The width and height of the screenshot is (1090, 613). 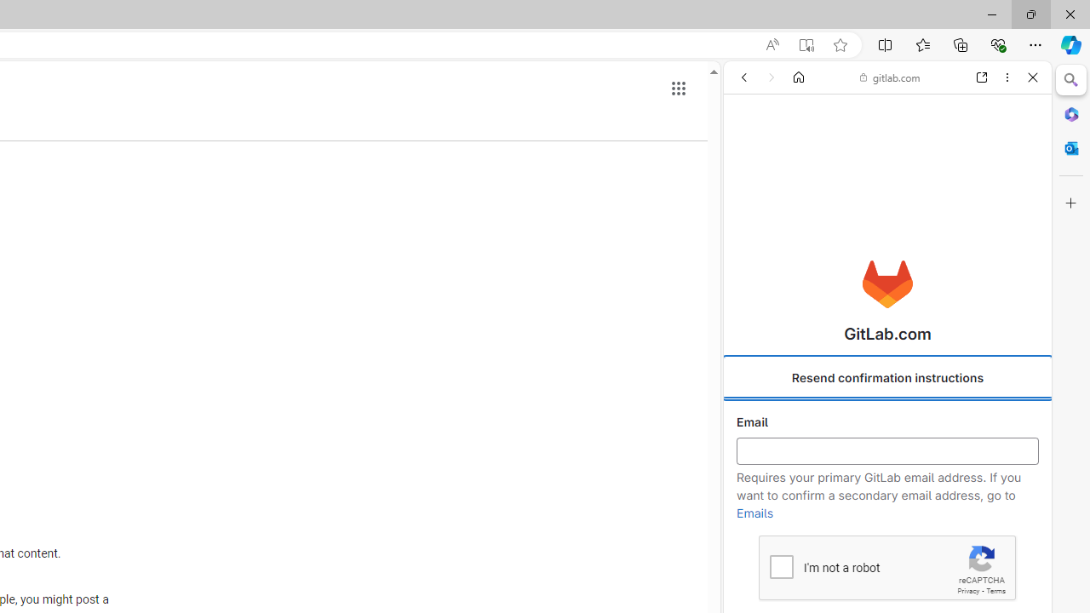 I want to click on 'Microsoft 365', so click(x=1070, y=113).